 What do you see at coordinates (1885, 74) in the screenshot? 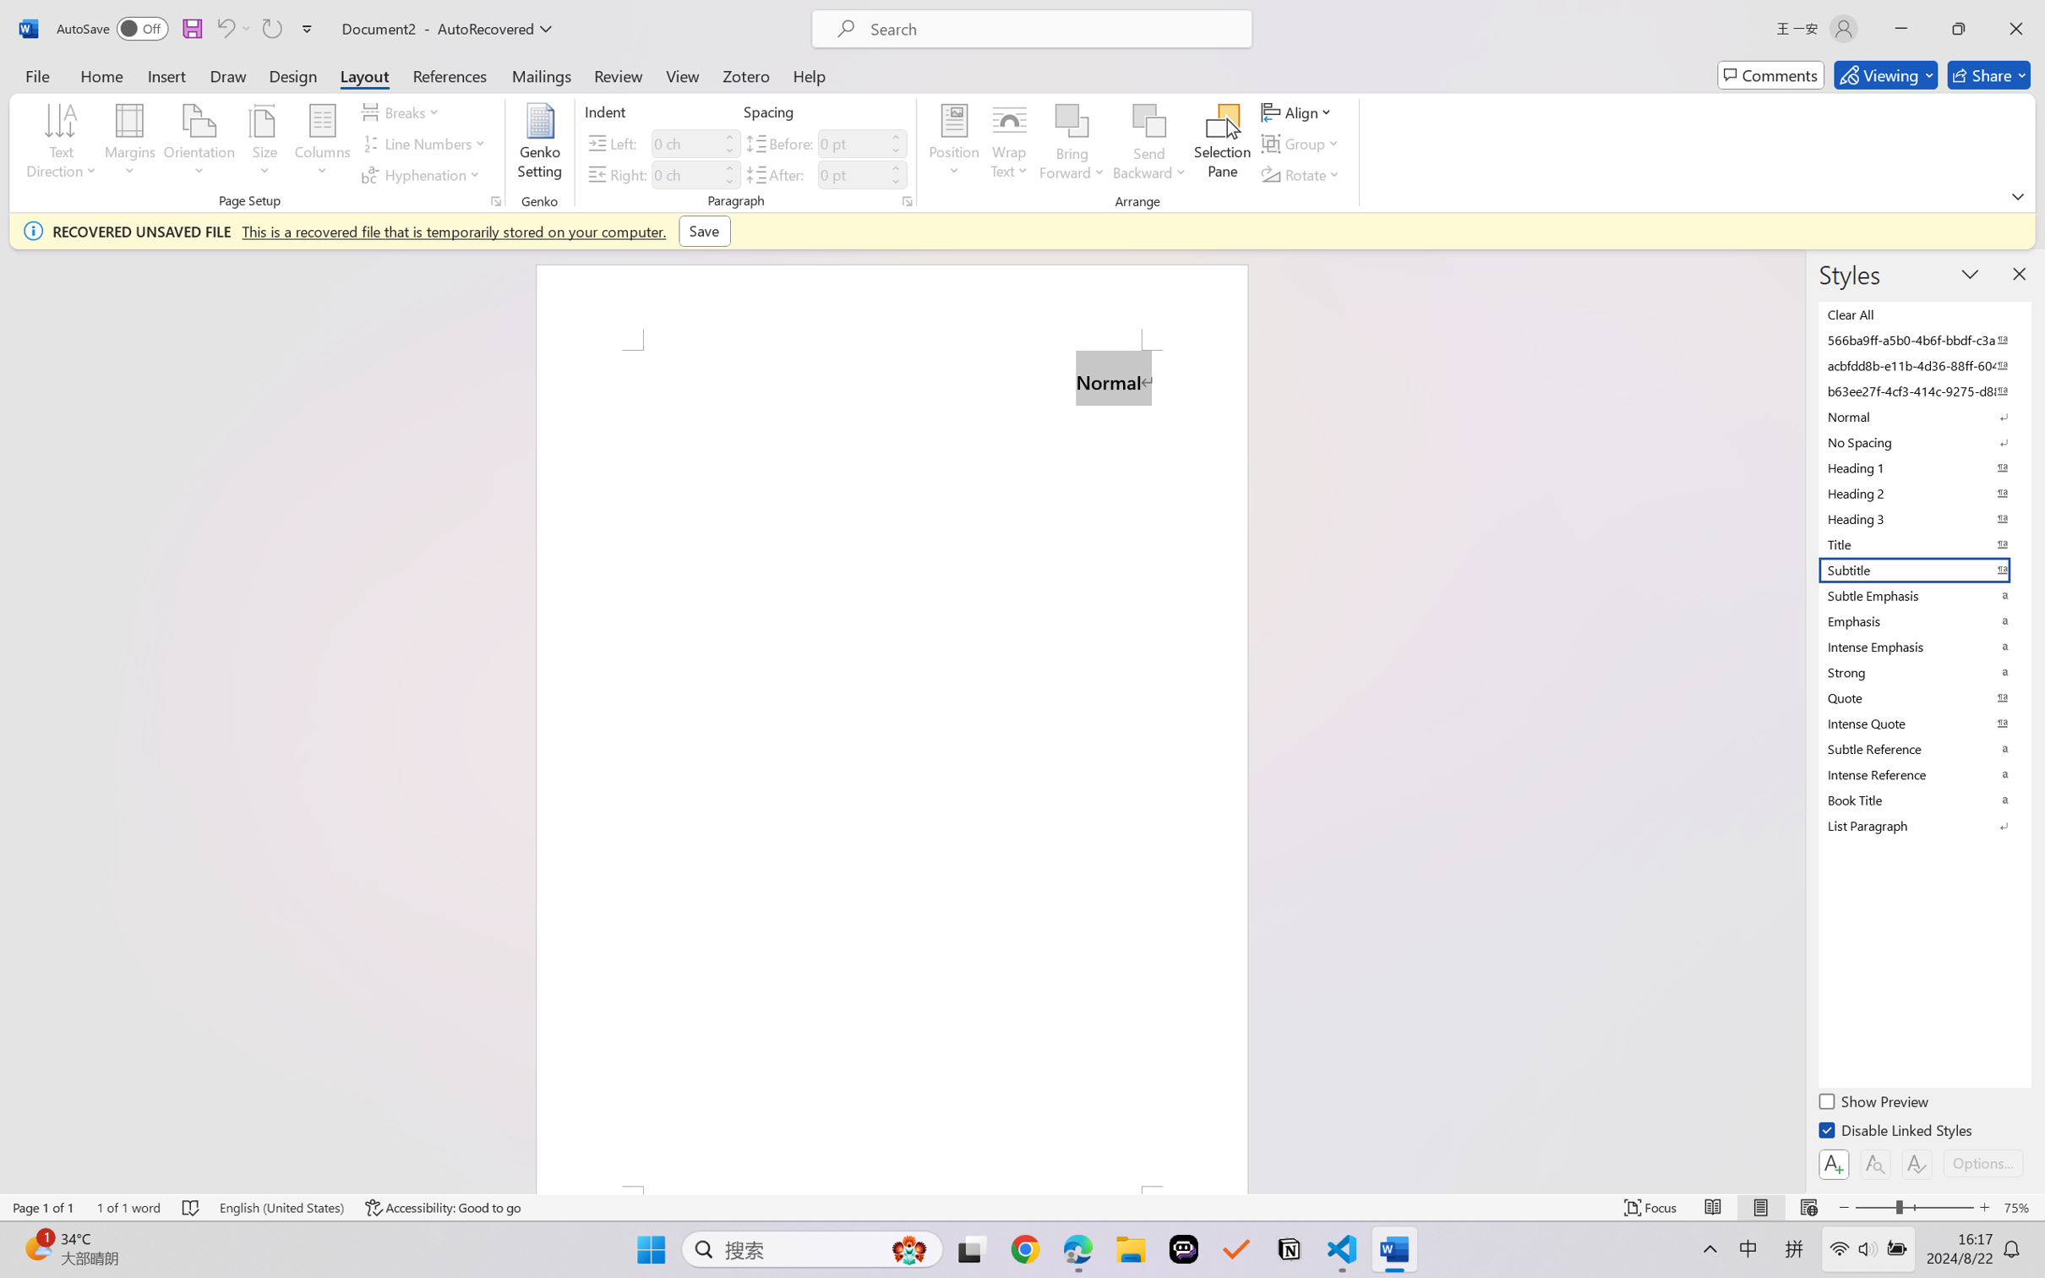
I see `'Mode'` at bounding box center [1885, 74].